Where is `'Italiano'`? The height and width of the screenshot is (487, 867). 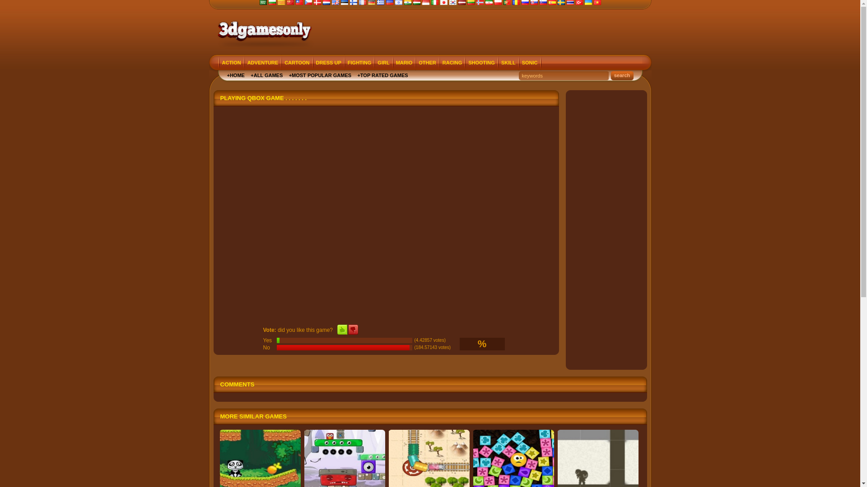
'Italiano' is located at coordinates (430, 3).